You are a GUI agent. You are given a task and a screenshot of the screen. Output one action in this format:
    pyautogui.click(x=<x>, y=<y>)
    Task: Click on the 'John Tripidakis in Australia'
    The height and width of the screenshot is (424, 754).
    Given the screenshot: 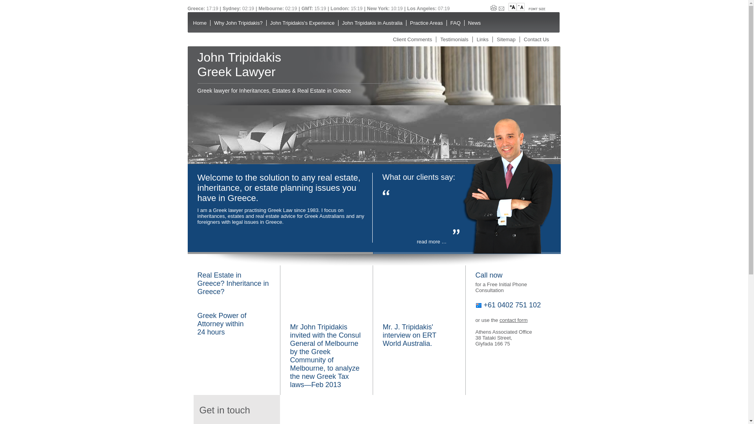 What is the action you would take?
    pyautogui.click(x=372, y=22)
    